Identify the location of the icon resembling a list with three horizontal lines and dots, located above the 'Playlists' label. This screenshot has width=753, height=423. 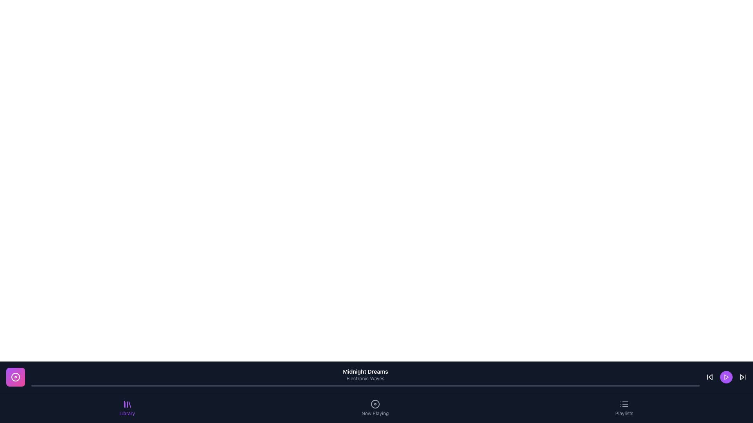
(624, 404).